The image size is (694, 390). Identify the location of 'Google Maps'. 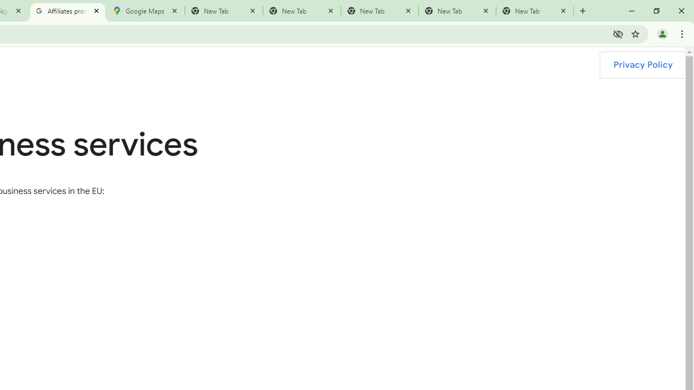
(145, 11).